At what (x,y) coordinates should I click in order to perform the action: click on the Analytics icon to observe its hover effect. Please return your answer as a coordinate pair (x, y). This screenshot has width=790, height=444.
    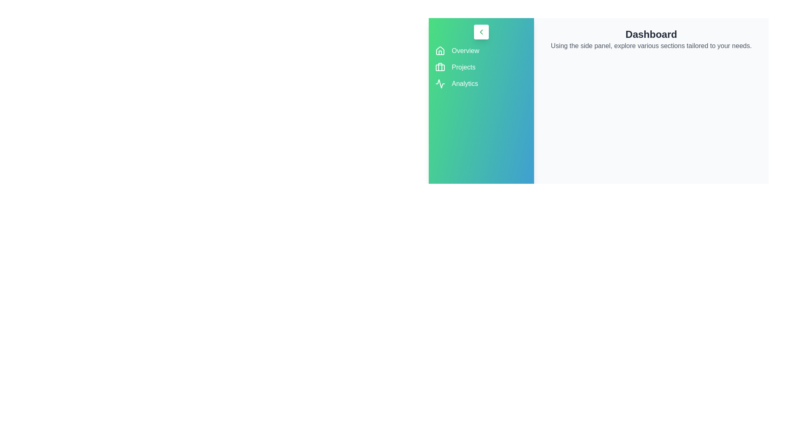
    Looking at the image, I should click on (440, 84).